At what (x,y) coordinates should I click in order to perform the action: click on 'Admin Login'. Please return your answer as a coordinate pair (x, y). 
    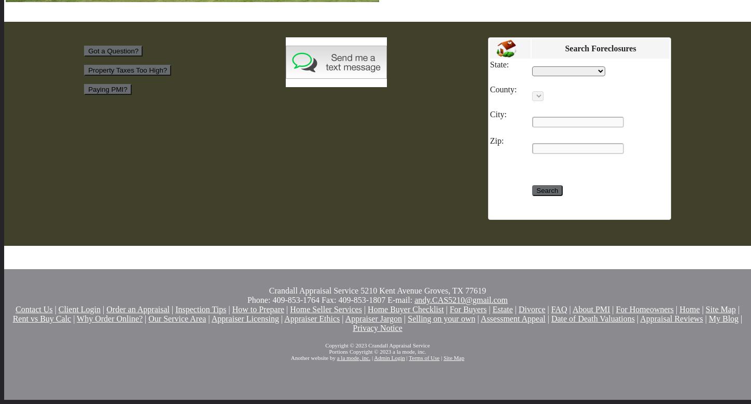
    Looking at the image, I should click on (389, 358).